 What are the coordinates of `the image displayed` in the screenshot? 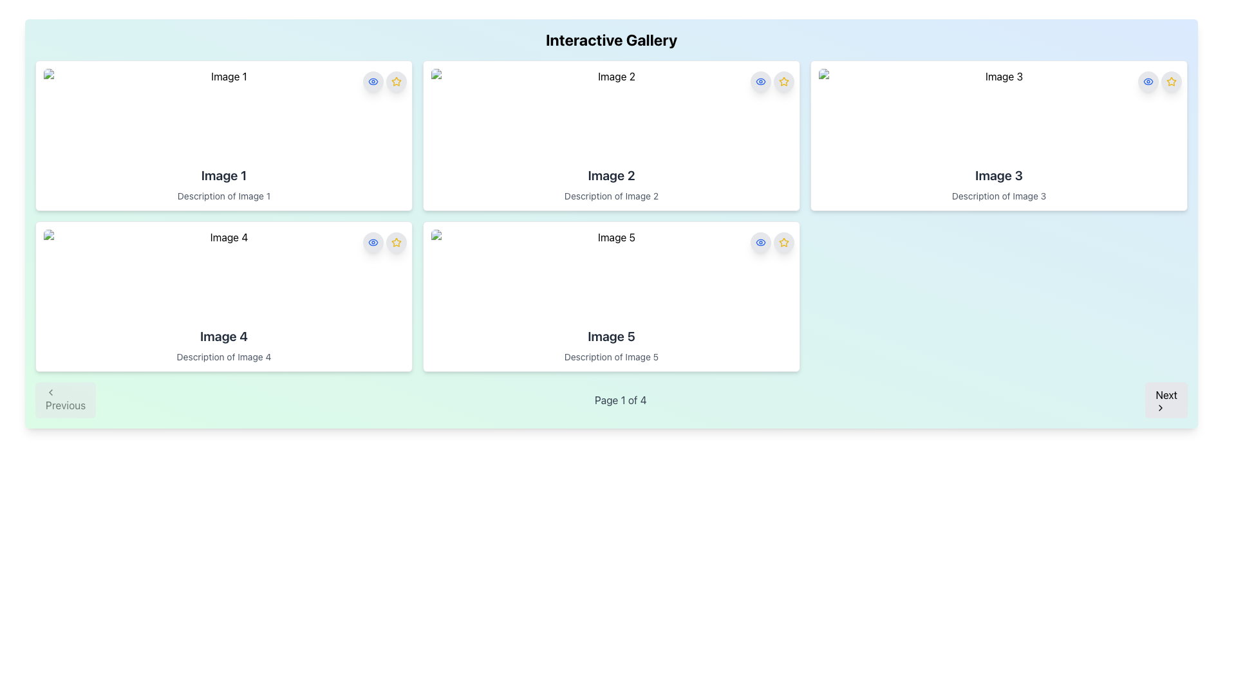 It's located at (611, 275).